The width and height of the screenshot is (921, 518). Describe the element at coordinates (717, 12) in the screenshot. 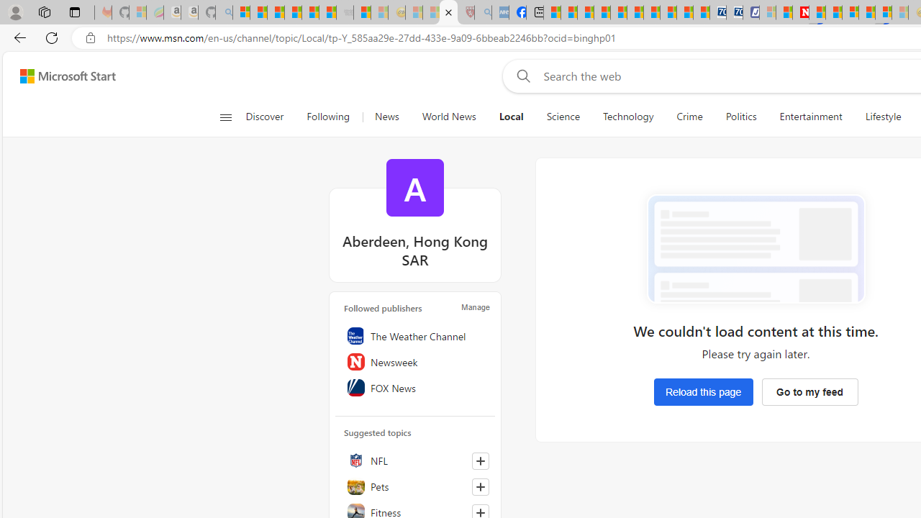

I see `'Cheap Car Rentals - Save70.com'` at that location.